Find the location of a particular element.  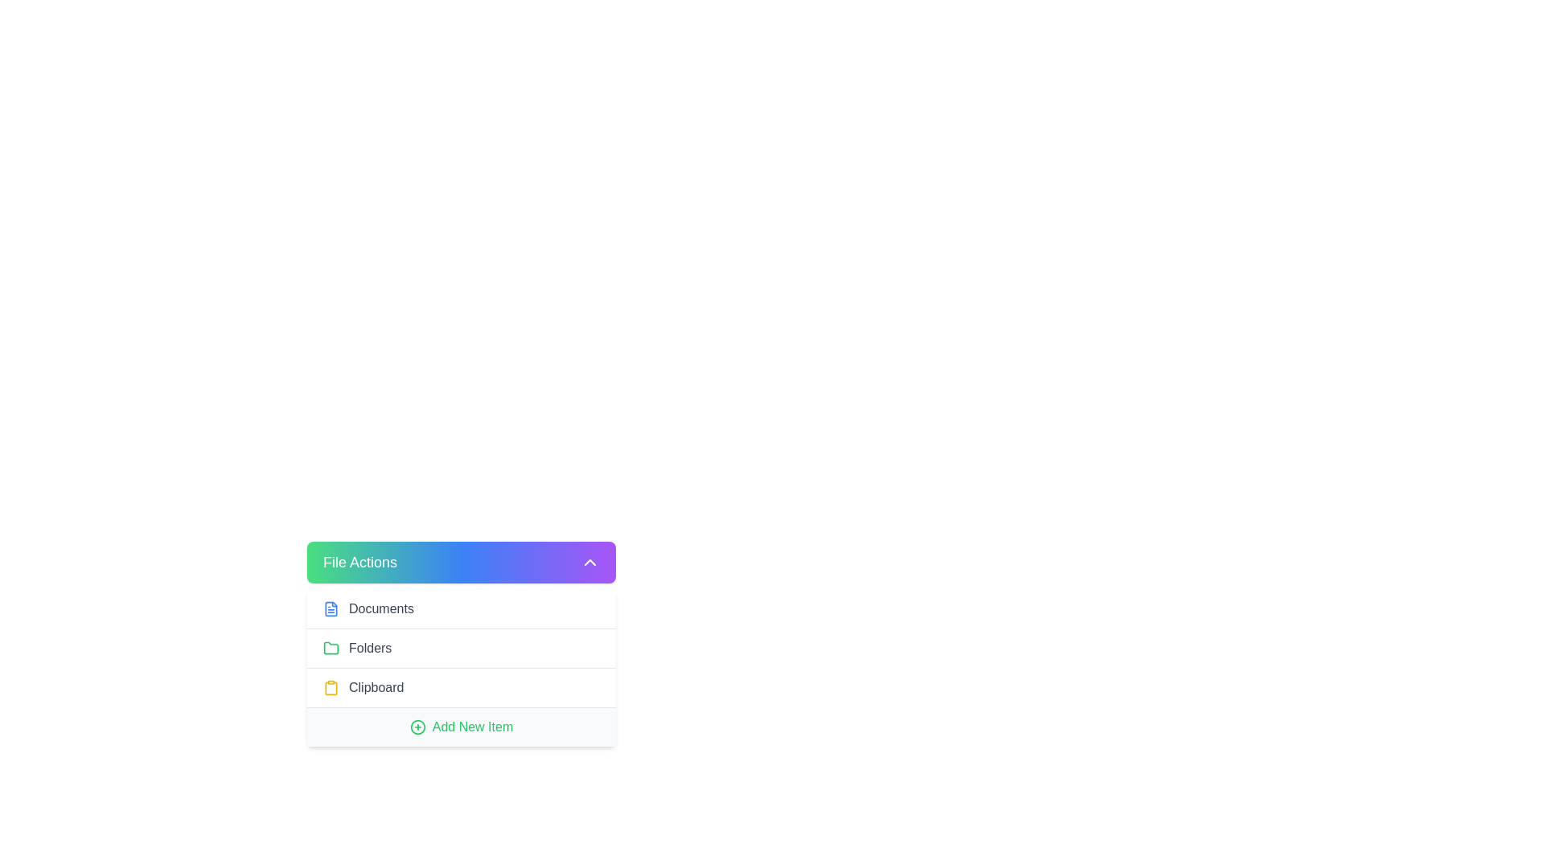

the Chevron Up button icon located at the far right end of the 'File Actions' button is located at coordinates (589, 561).